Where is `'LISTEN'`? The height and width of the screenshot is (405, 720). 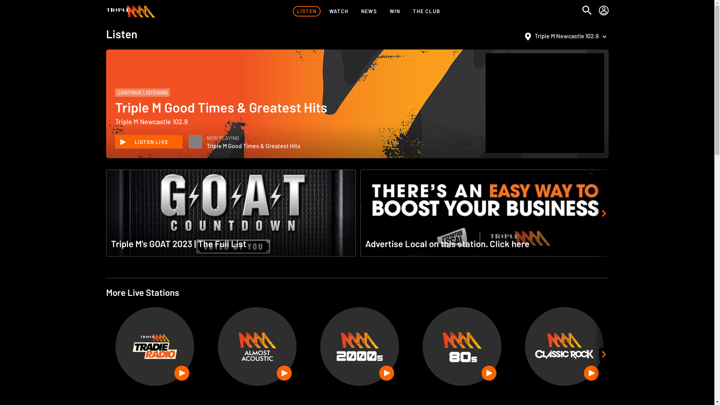
'LISTEN' is located at coordinates (306, 11).